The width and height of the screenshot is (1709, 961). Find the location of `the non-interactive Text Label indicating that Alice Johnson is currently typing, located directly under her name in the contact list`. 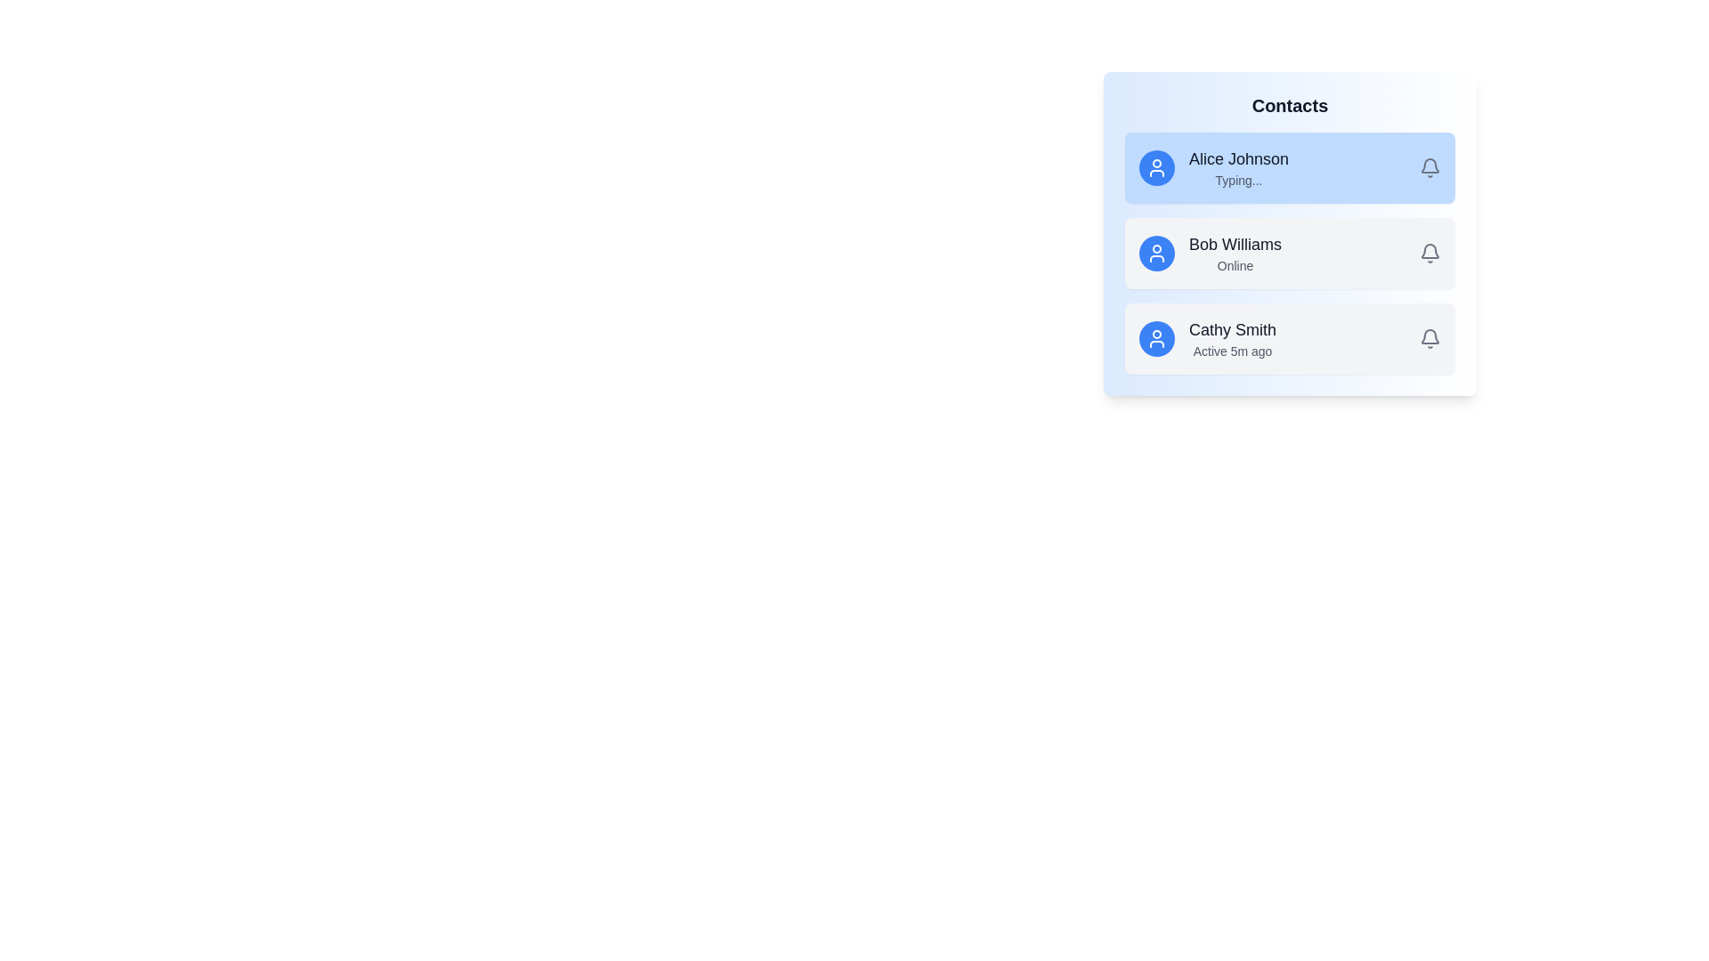

the non-interactive Text Label indicating that Alice Johnson is currently typing, located directly under her name in the contact list is located at coordinates (1238, 181).